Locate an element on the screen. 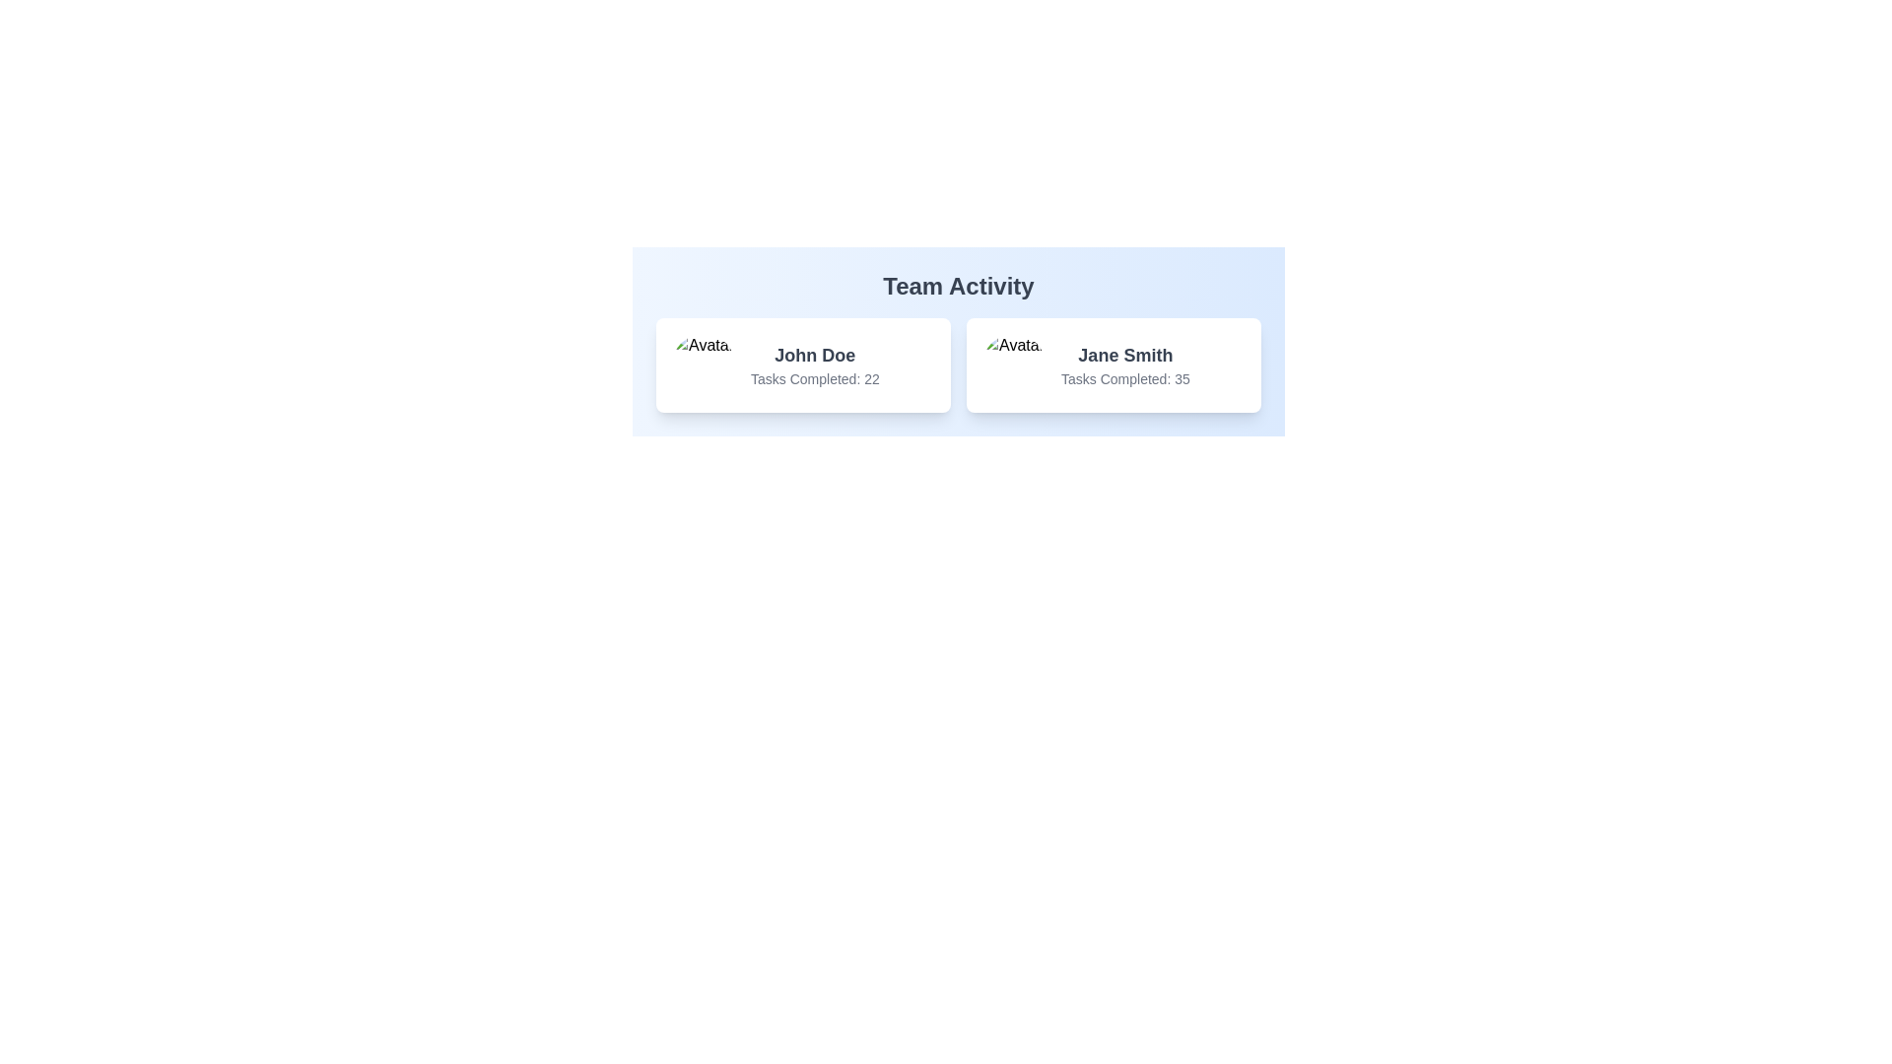 The width and height of the screenshot is (1892, 1064). the text display element showing 'Jane Smith' and their task completion count of 35, located in the right card under the title 'Team Activity.' is located at coordinates (1125, 365).